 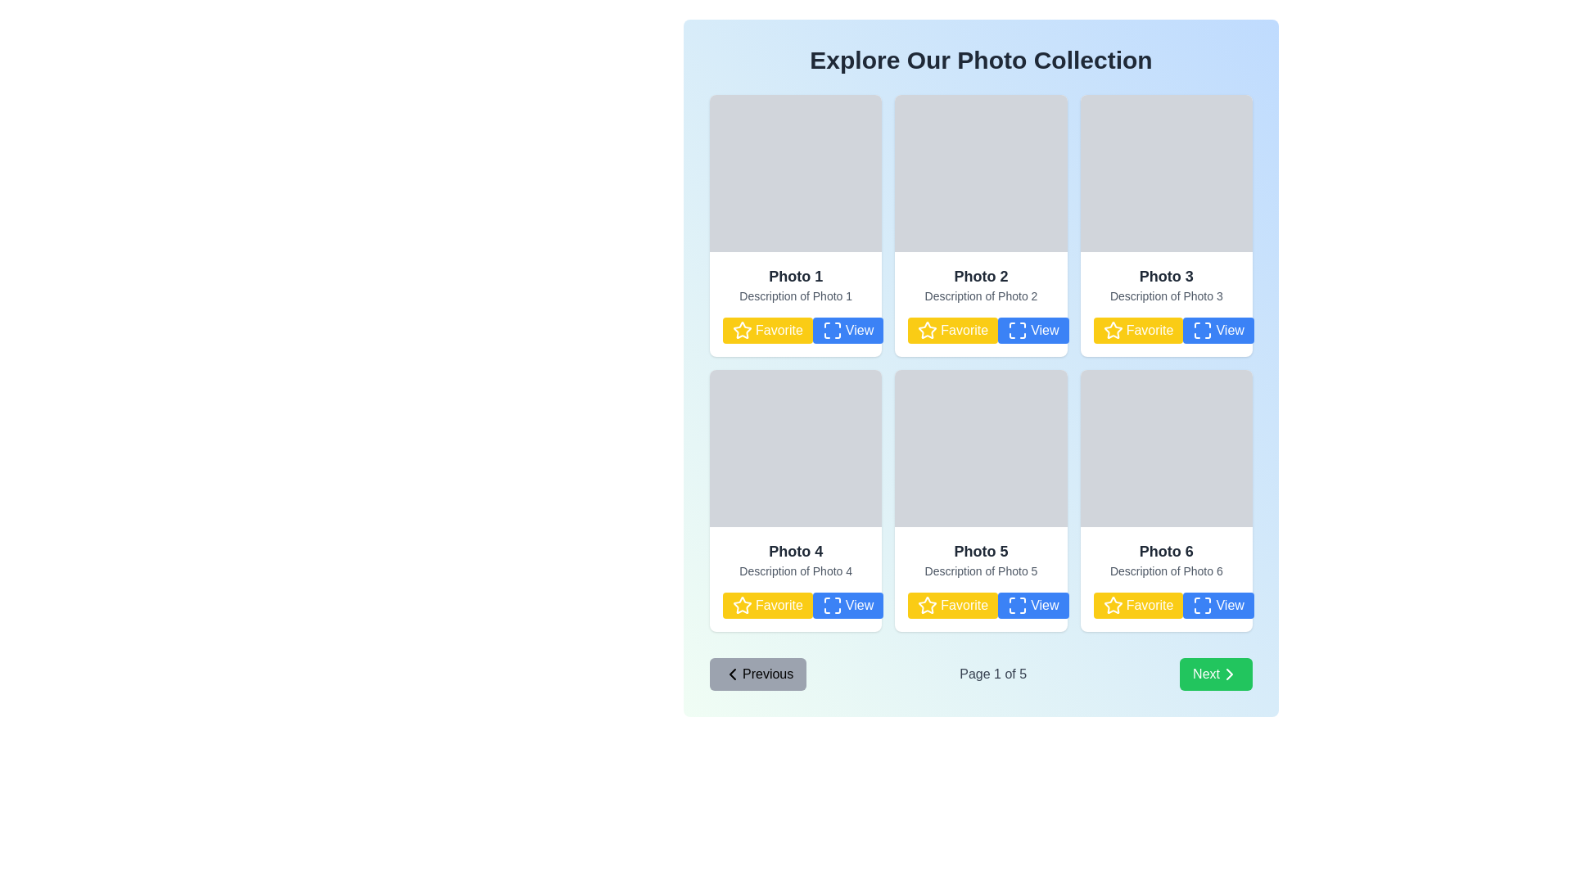 I want to click on the 'View' button located on the bottom of the card-like component with a white background and rounded corners, positioned in the bottom-right of the grid layout, so click(x=1165, y=500).